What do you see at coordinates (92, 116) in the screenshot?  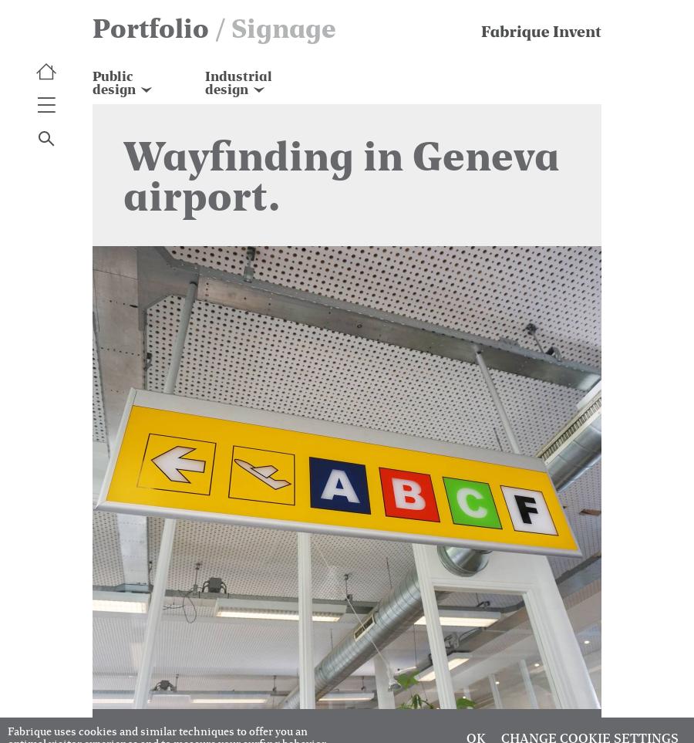 I see `'Public transport  facilities'` at bounding box center [92, 116].